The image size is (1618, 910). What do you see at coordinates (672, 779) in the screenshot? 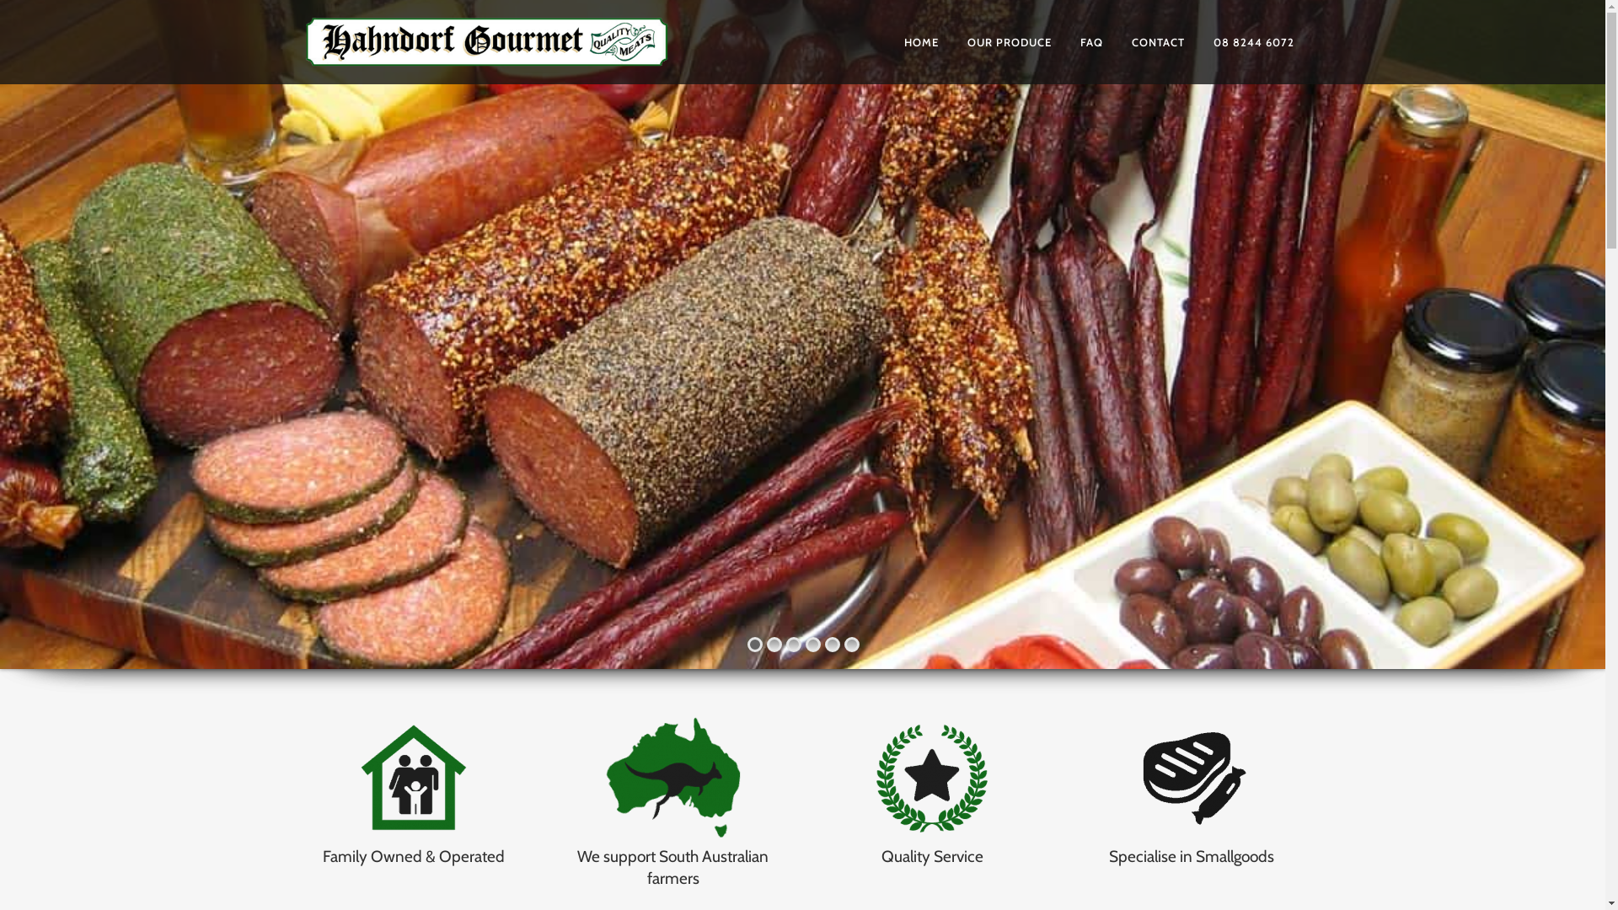
I see `'icon2'` at bounding box center [672, 779].